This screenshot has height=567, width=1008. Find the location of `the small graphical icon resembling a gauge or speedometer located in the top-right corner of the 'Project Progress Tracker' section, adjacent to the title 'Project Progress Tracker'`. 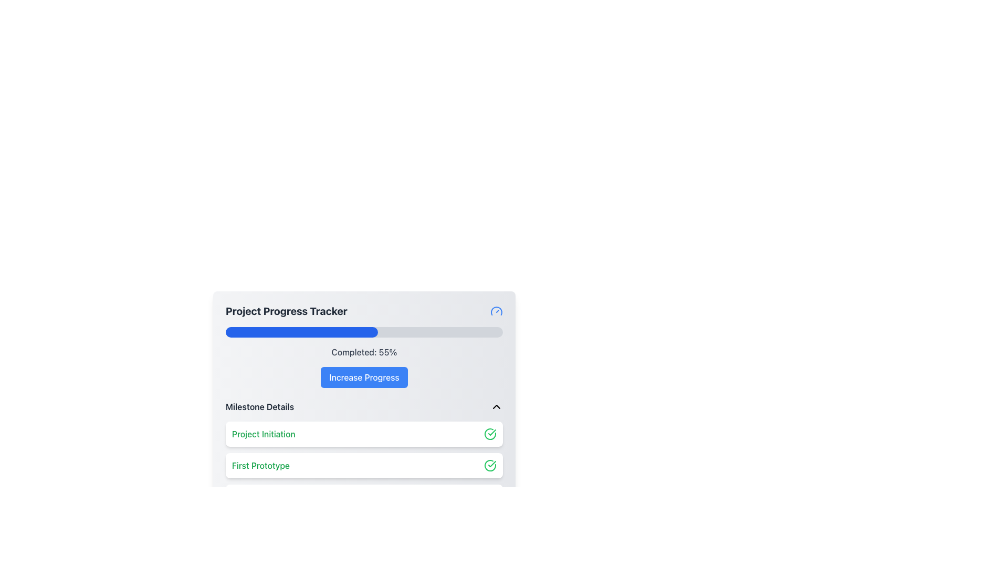

the small graphical icon resembling a gauge or speedometer located in the top-right corner of the 'Project Progress Tracker' section, adjacent to the title 'Project Progress Tracker' is located at coordinates (496, 311).